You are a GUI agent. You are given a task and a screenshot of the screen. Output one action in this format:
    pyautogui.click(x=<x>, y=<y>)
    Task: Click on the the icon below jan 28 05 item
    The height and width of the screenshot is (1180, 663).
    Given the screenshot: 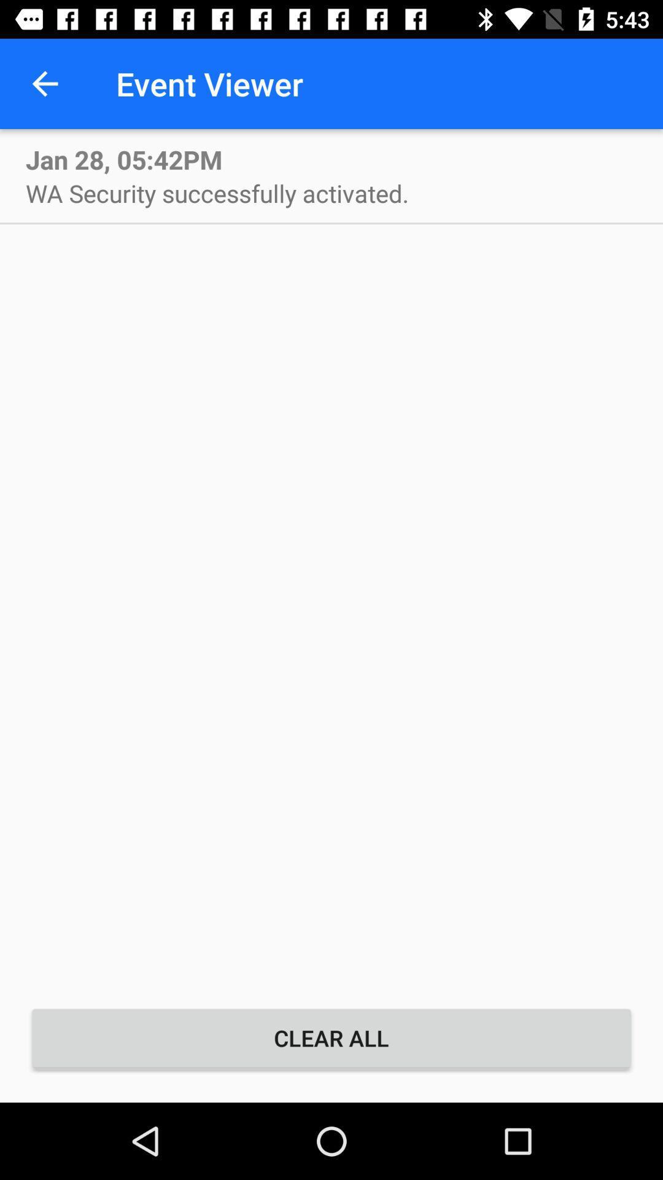 What is the action you would take?
    pyautogui.click(x=217, y=192)
    